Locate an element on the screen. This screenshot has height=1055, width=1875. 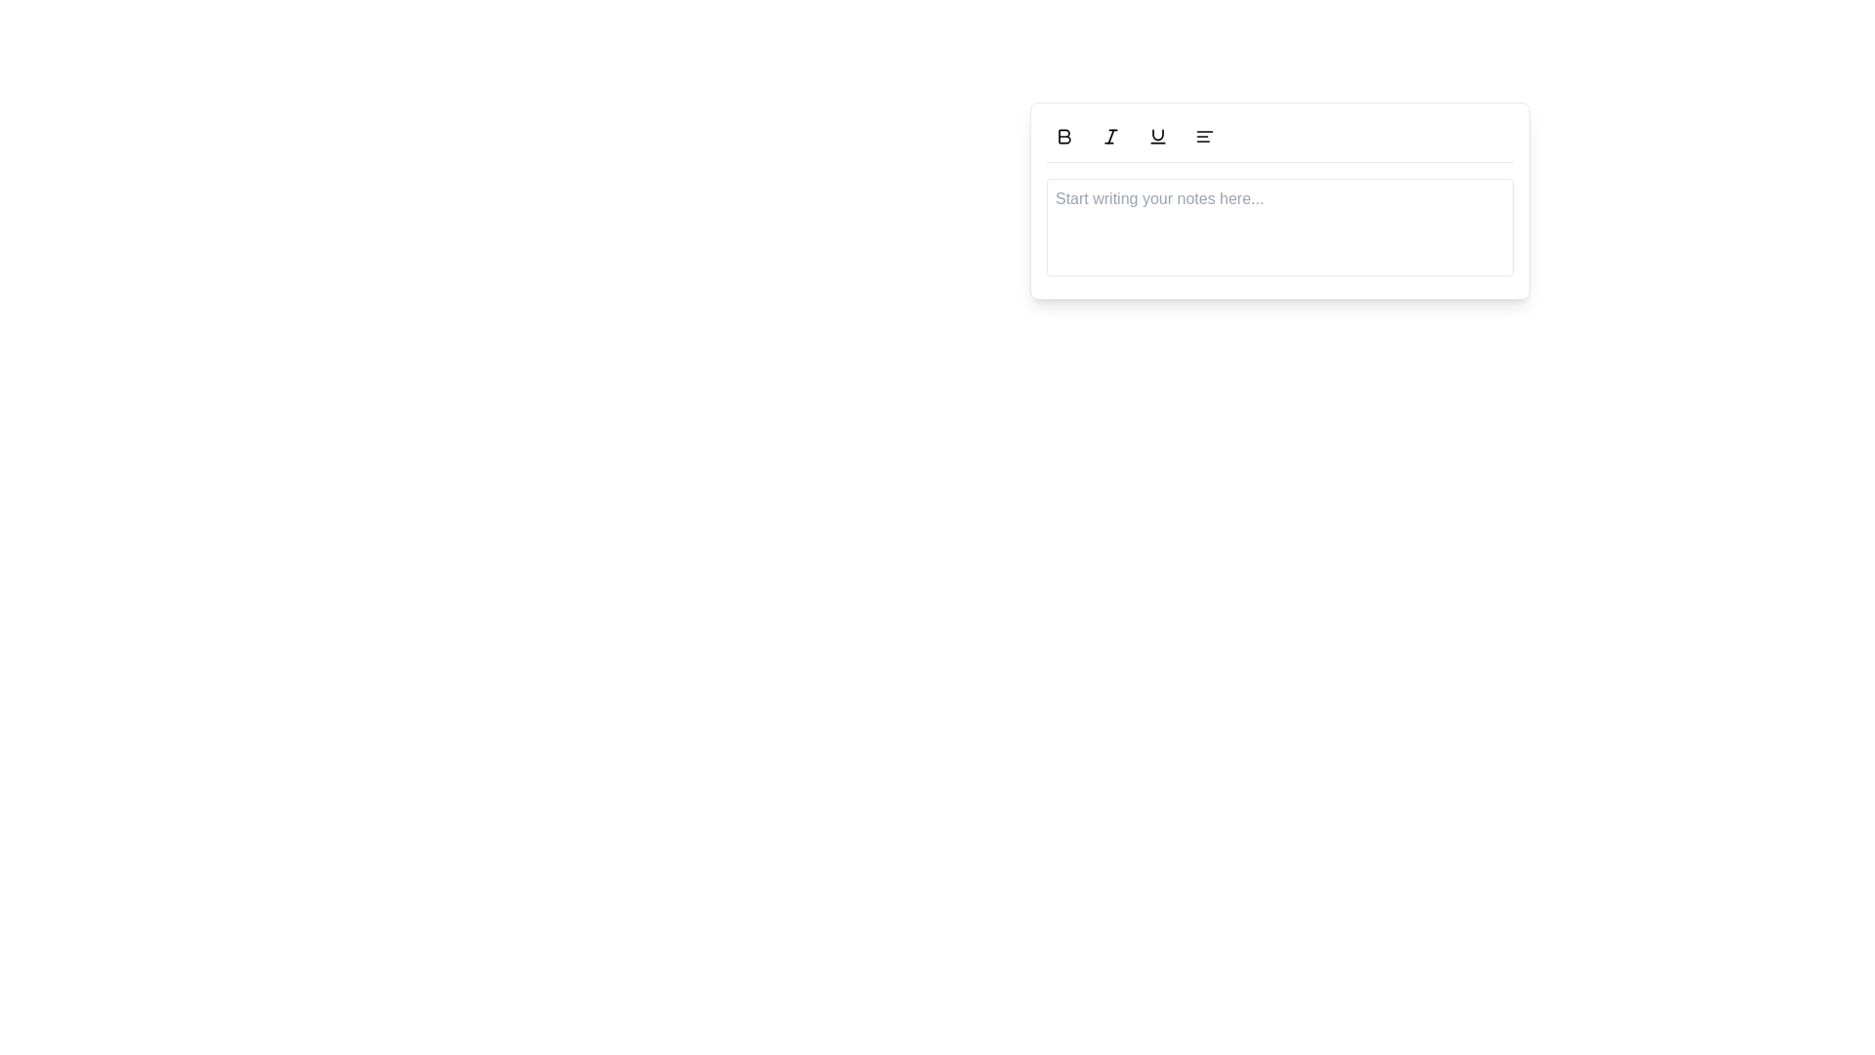
the 'align left' SVG icon located in the top-center of the interface is located at coordinates (1203, 135).